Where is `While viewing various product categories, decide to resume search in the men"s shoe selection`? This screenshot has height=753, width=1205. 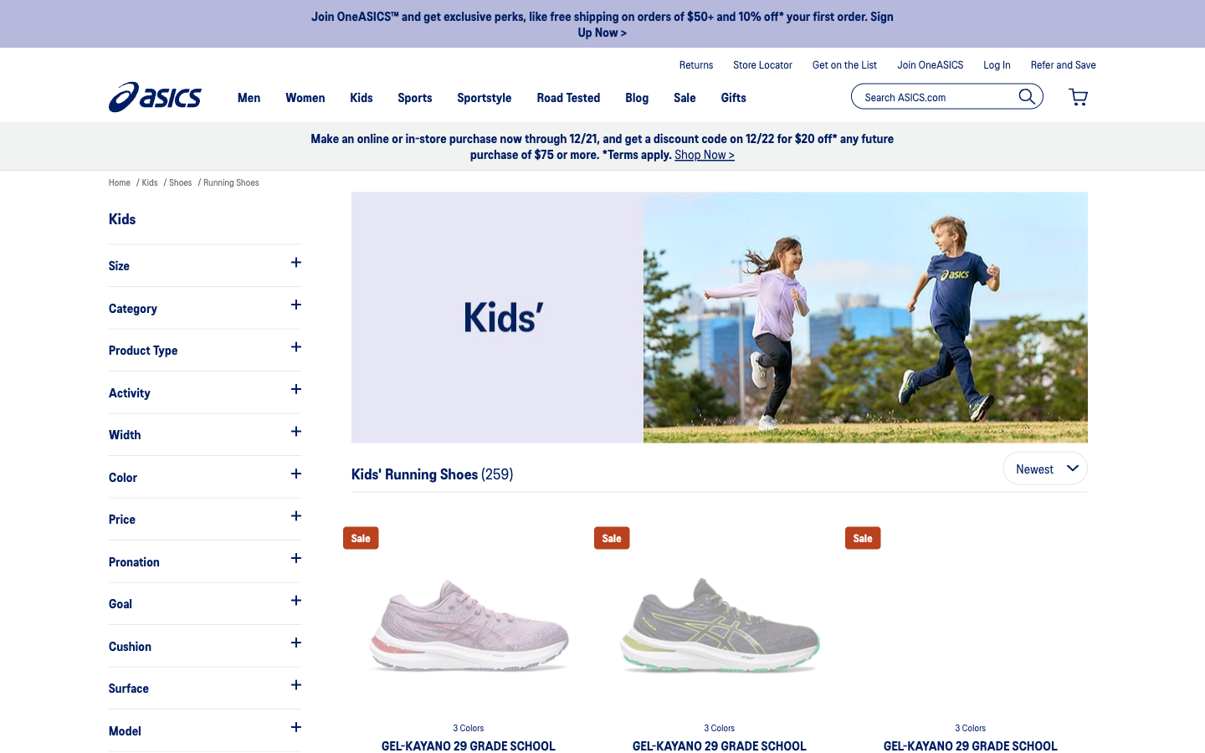 While viewing various product categories, decide to resume search in the men"s shoe selection is located at coordinates (203, 307).